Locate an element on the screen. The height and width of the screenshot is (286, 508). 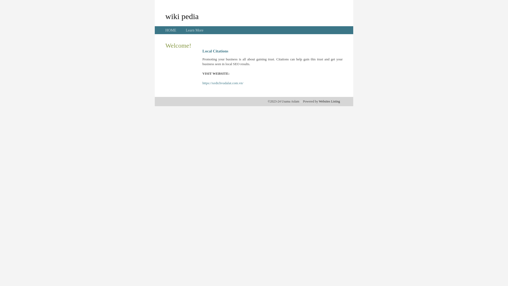
'HOME' is located at coordinates (171, 30).